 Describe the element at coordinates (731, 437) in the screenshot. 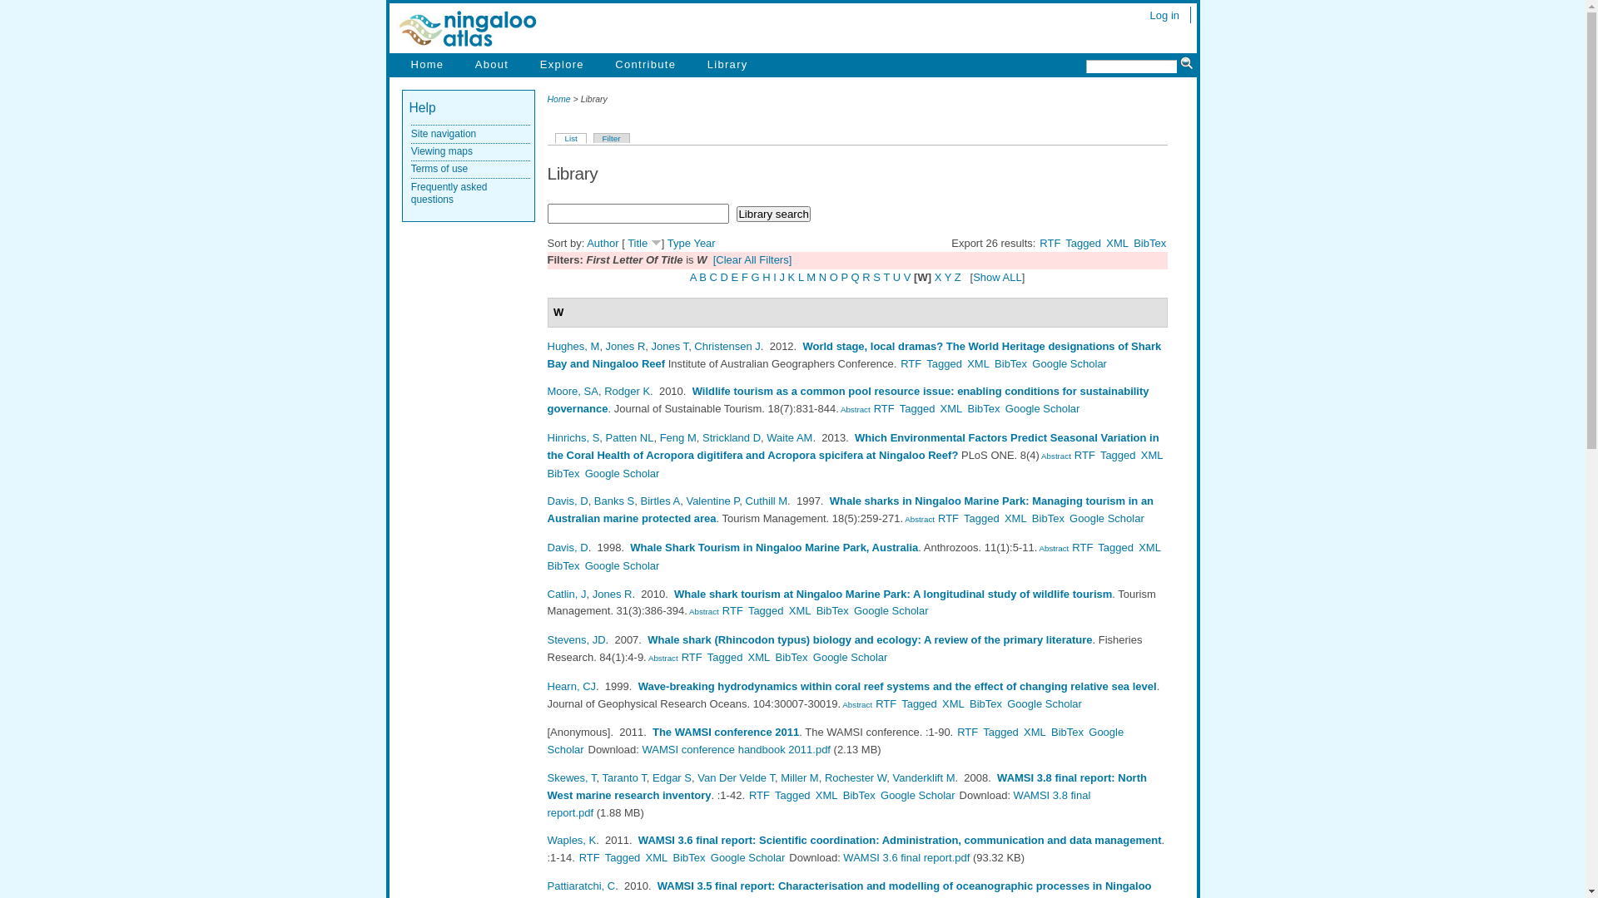

I see `'Strickland D'` at that location.